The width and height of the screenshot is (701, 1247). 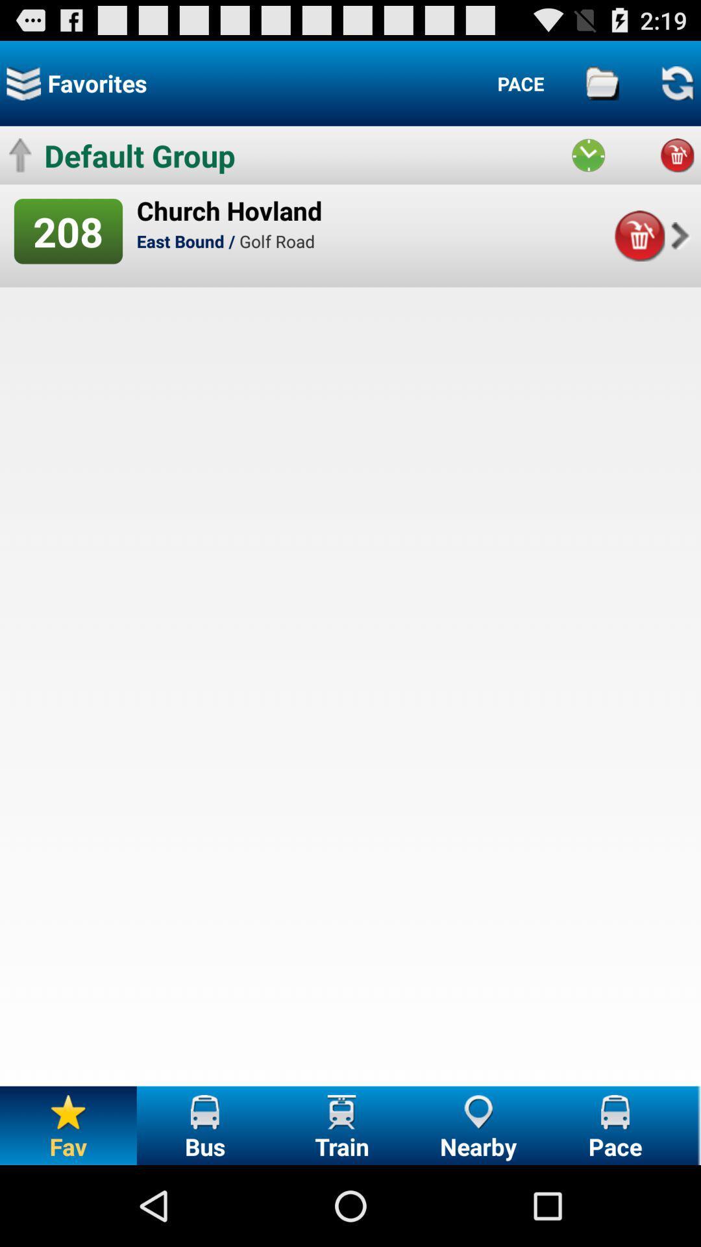 What do you see at coordinates (676, 82) in the screenshot?
I see `refresh site` at bounding box center [676, 82].